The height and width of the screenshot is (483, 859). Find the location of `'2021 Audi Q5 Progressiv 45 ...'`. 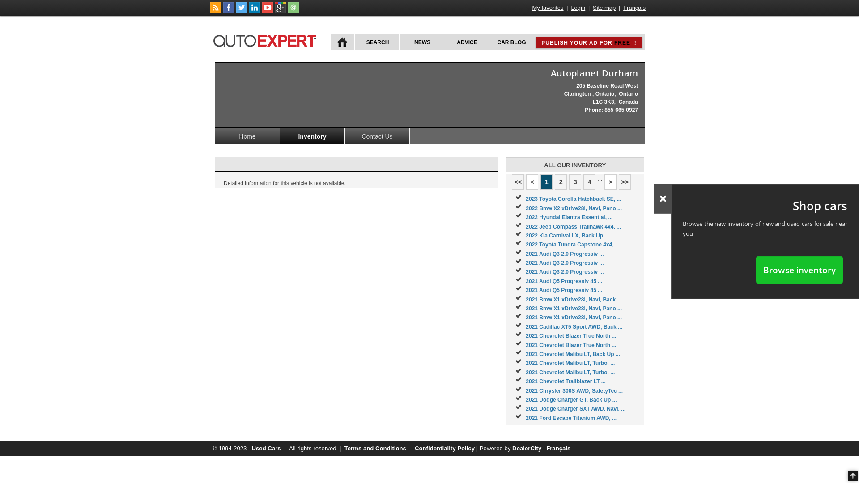

'2021 Audi Q5 Progressiv 45 ...' is located at coordinates (563, 290).